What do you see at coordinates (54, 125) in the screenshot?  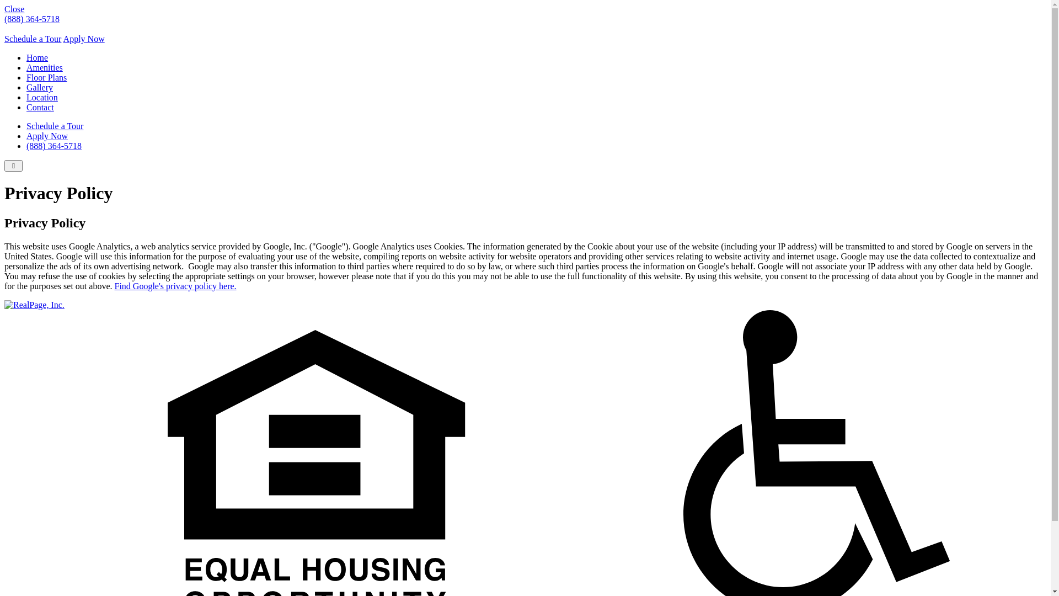 I see `'Schedule a Tour'` at bounding box center [54, 125].